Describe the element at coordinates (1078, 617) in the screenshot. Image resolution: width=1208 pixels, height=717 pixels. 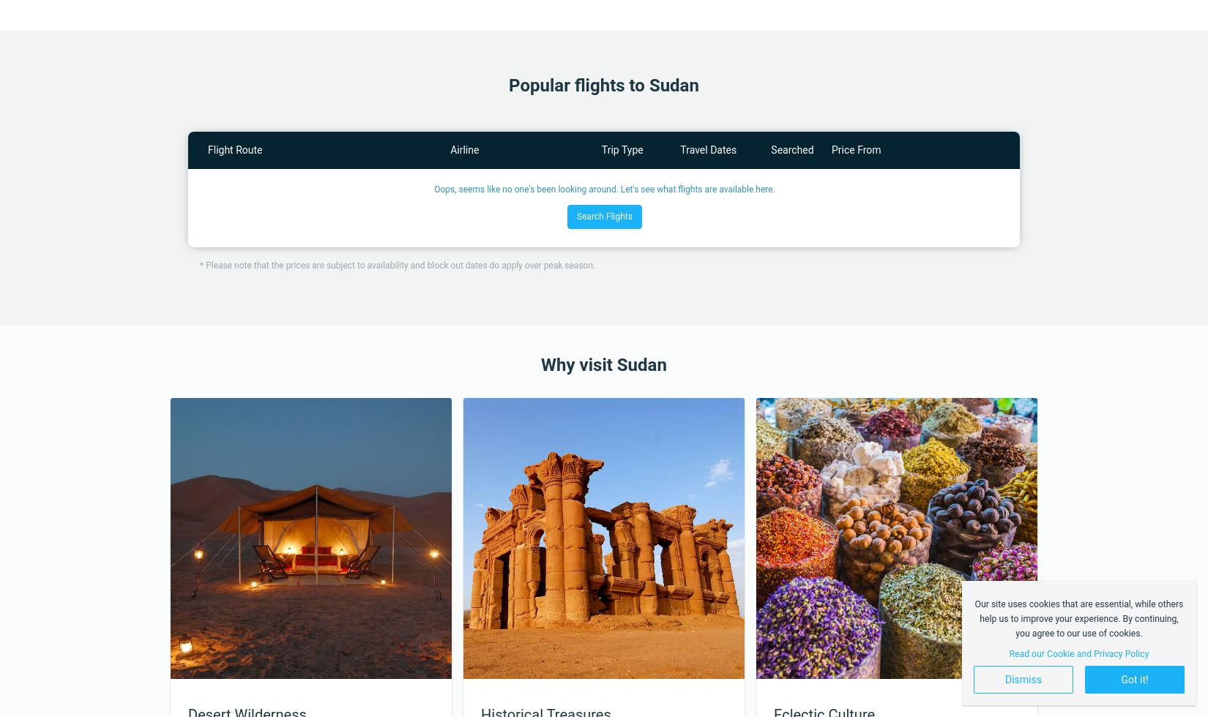
I see `'Our site uses cookies that are essential, while others help us to improve your experience. By continuing, you
agree to our use of cookies.'` at that location.